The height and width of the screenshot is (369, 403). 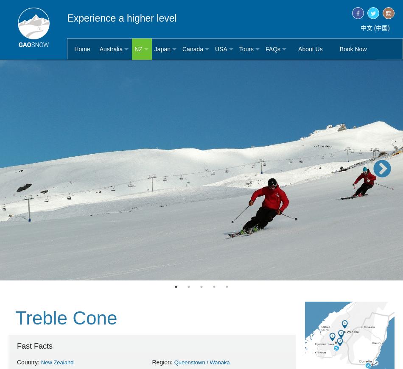 What do you see at coordinates (67, 18) in the screenshot?
I see `'Experience a higher level'` at bounding box center [67, 18].